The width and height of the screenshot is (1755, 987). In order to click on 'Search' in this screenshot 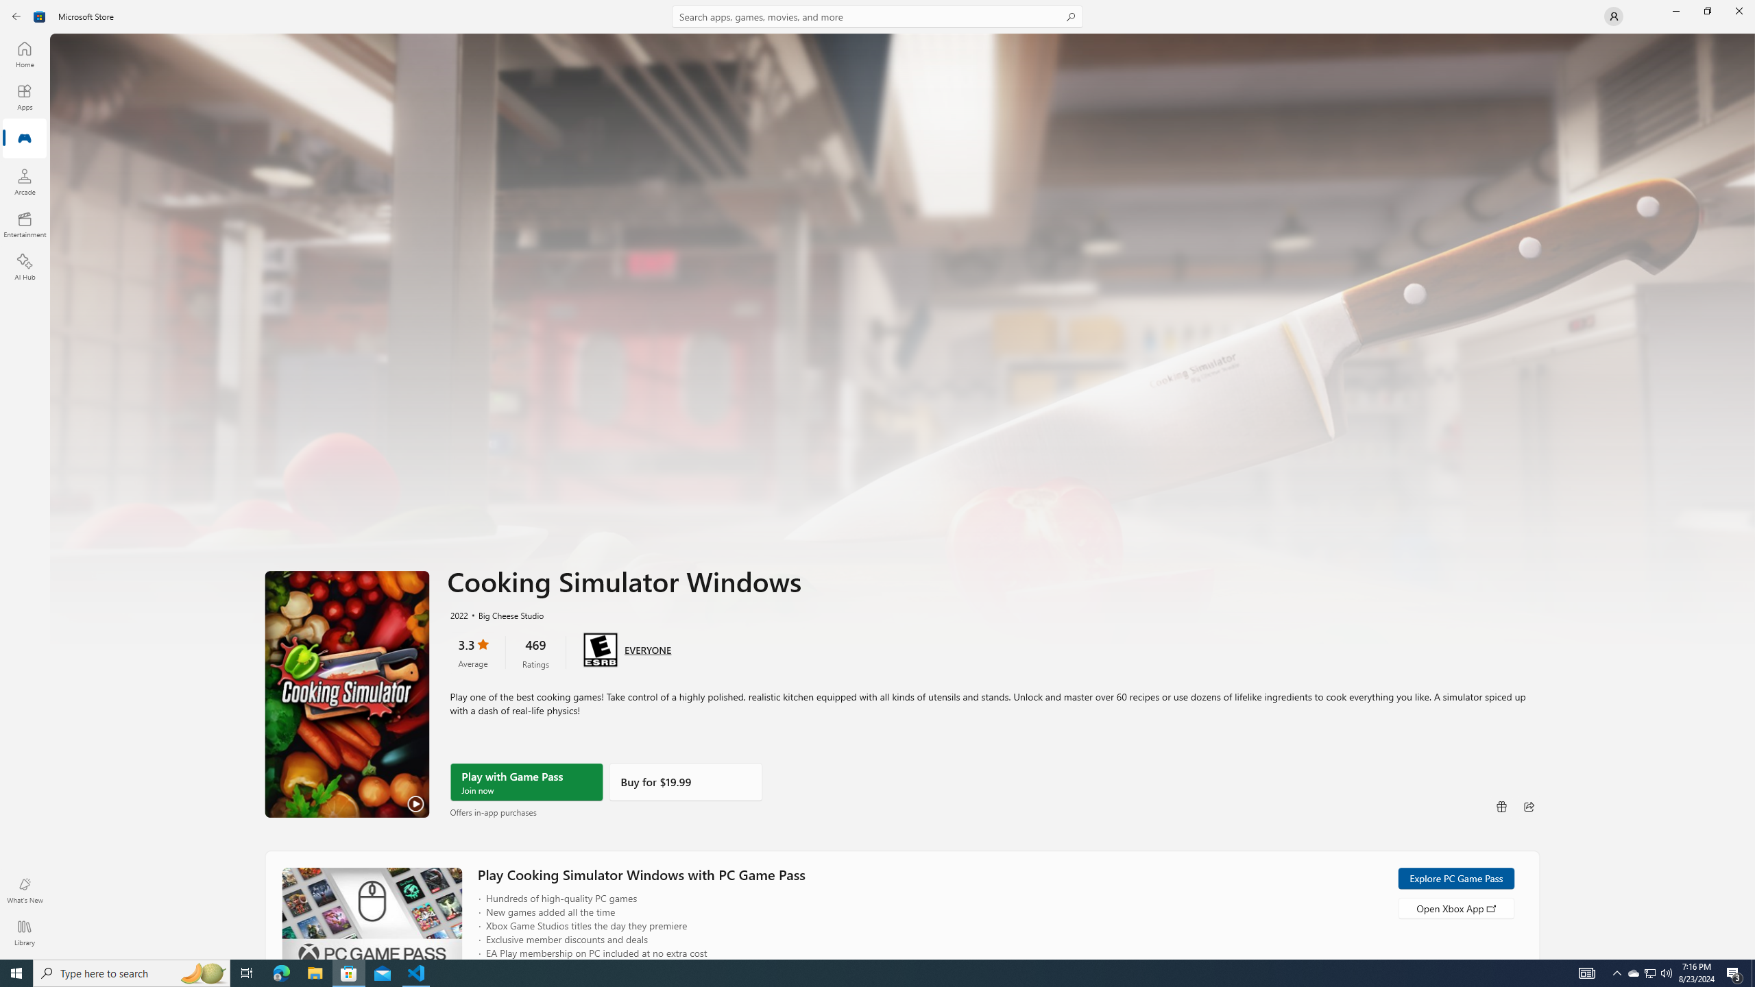, I will do `click(877, 16)`.